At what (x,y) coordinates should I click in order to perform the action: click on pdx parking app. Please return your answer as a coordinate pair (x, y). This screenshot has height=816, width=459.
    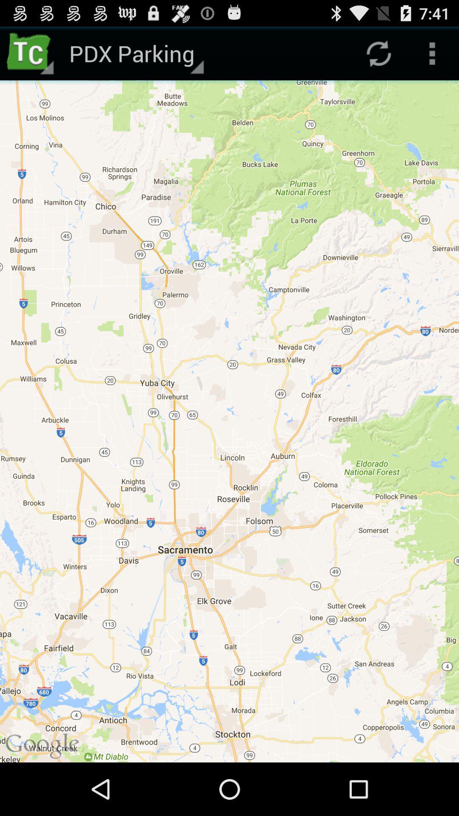
    Looking at the image, I should click on (135, 53).